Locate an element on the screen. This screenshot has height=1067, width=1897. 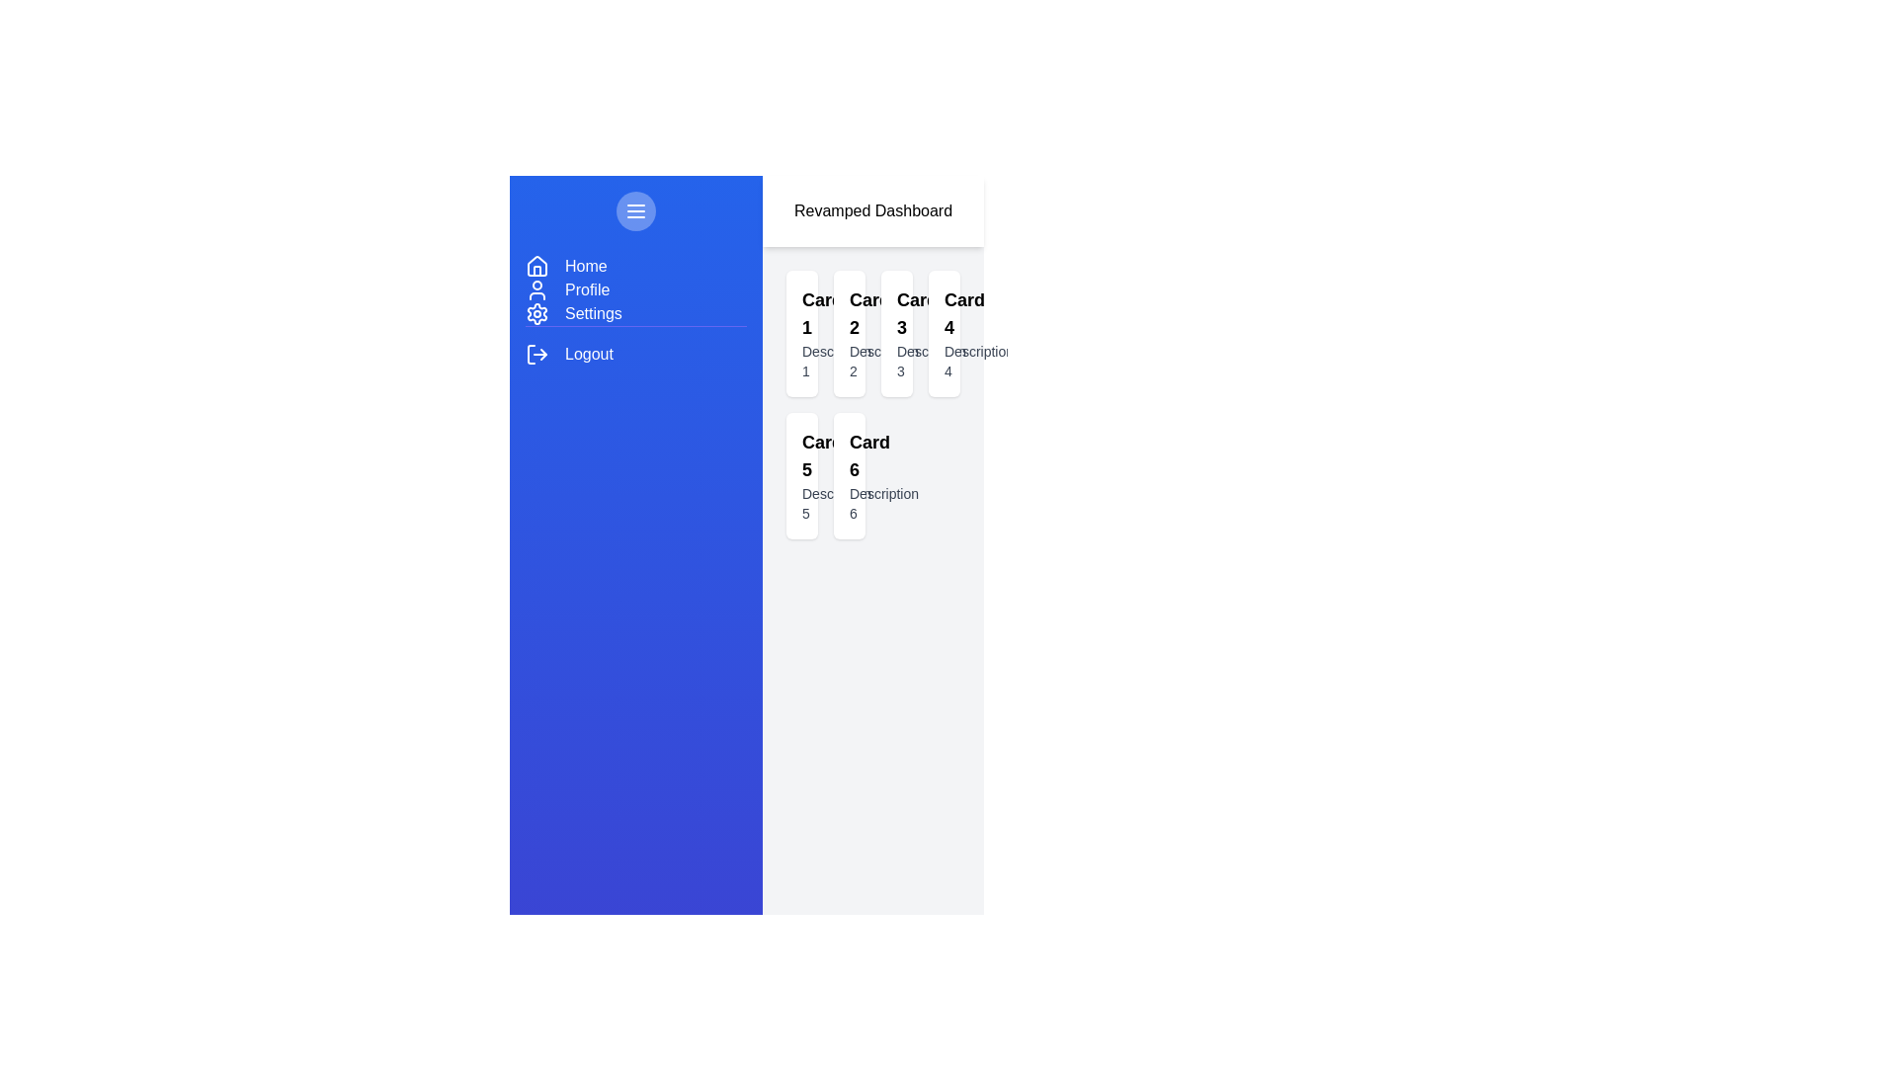
the circular button with a menu icon located at the top of the sidebar is located at coordinates (635, 210).